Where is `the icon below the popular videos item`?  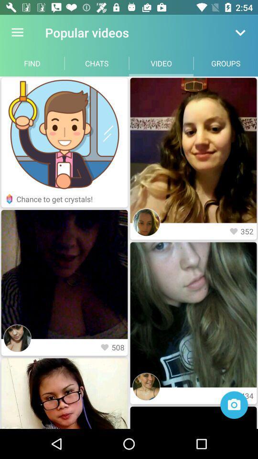 the icon below the popular videos item is located at coordinates (97, 63).